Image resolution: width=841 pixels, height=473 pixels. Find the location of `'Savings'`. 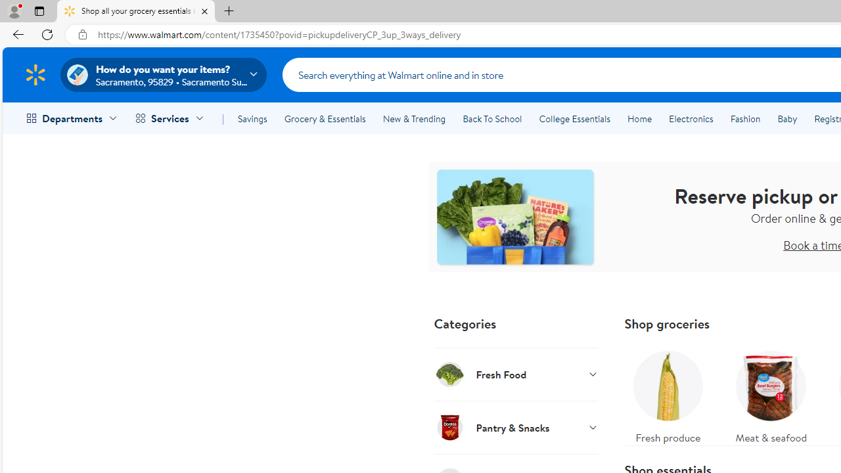

'Savings' is located at coordinates (252, 119).